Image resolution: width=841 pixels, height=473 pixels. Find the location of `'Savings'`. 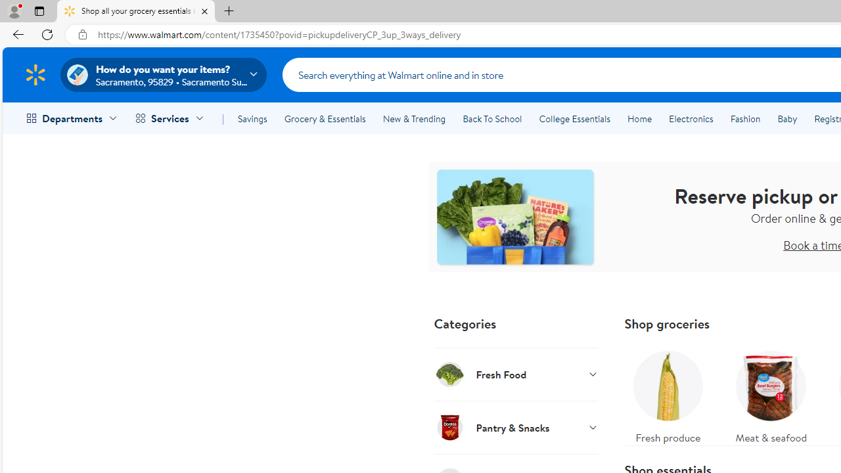

'Savings' is located at coordinates (252, 119).